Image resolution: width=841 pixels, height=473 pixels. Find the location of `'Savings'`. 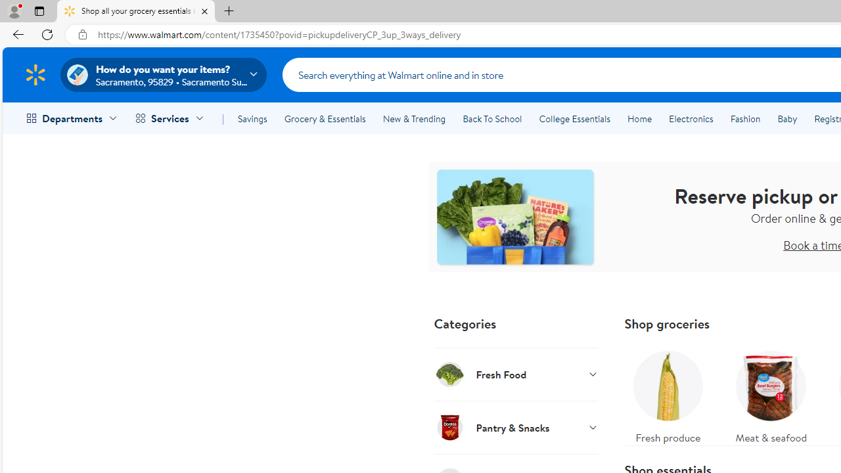

'Savings' is located at coordinates (252, 119).